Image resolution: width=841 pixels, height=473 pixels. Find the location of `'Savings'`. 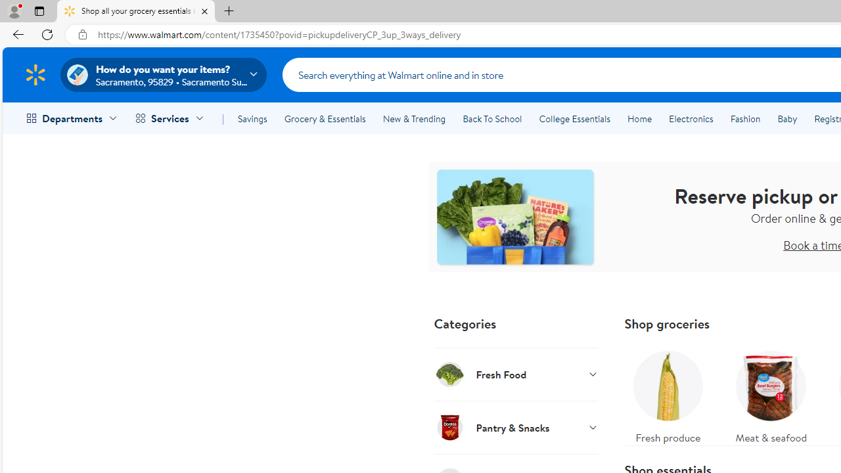

'Savings' is located at coordinates (252, 119).